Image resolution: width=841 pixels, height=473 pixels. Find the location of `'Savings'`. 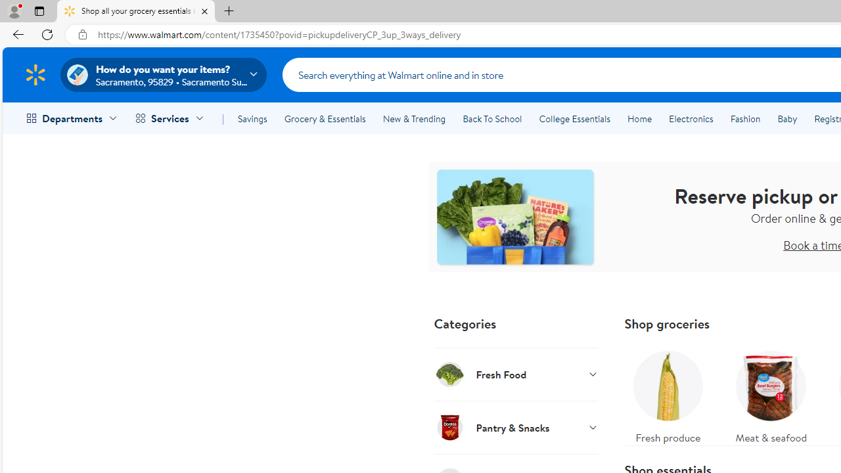

'Savings' is located at coordinates (252, 119).